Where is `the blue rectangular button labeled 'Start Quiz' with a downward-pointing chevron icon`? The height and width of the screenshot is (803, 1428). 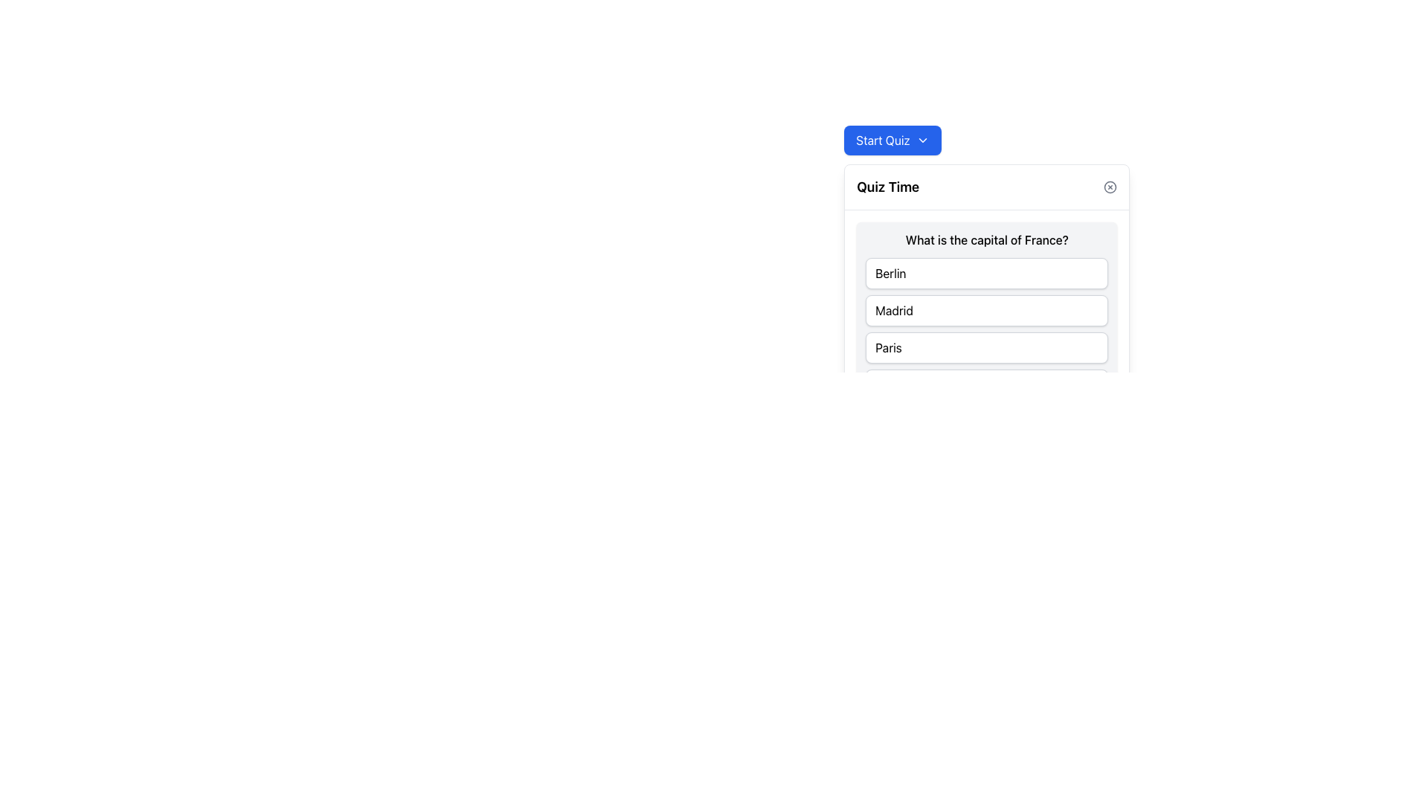
the blue rectangular button labeled 'Start Quiz' with a downward-pointing chevron icon is located at coordinates (892, 141).